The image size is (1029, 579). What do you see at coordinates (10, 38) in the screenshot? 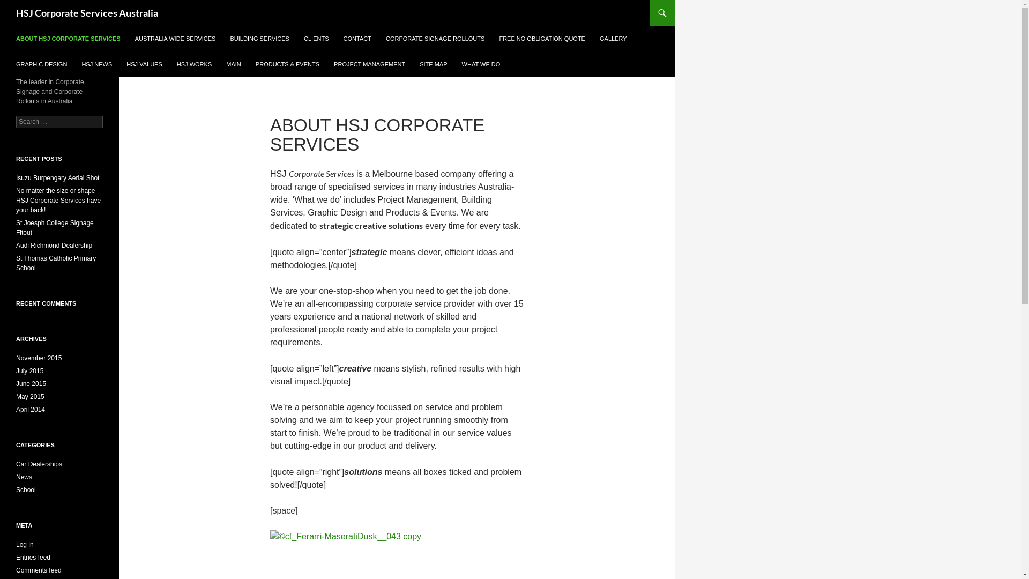
I see `'ABOUT HSJ CORPORATE SERVICES'` at bounding box center [10, 38].